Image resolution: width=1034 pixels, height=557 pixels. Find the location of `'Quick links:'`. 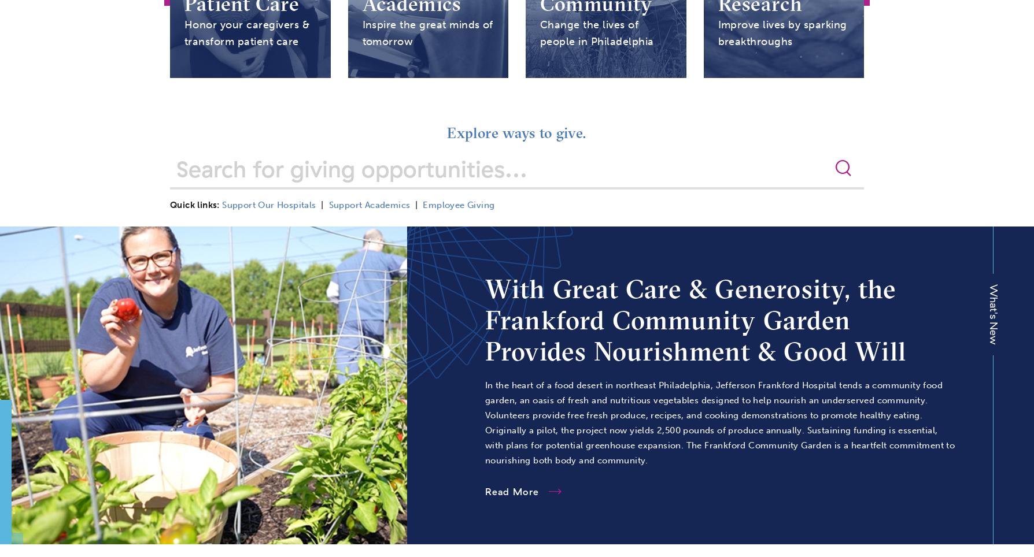

'Quick links:' is located at coordinates (194, 205).